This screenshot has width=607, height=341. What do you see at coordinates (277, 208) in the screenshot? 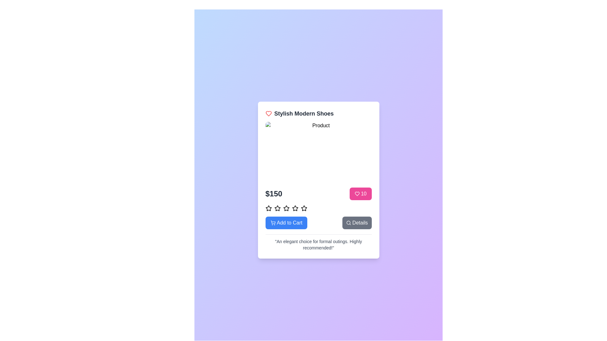
I see `the third star icon in the rating interface` at bounding box center [277, 208].